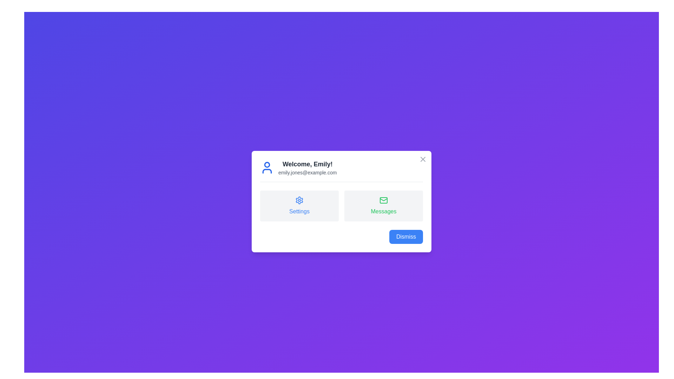 The height and width of the screenshot is (379, 674). Describe the element at coordinates (308, 172) in the screenshot. I see `the static text label displaying 'emily.jones@example.com', which is located beneath the welcome message 'Welcome, Emily!' in the top-center region of the dialog box` at that location.